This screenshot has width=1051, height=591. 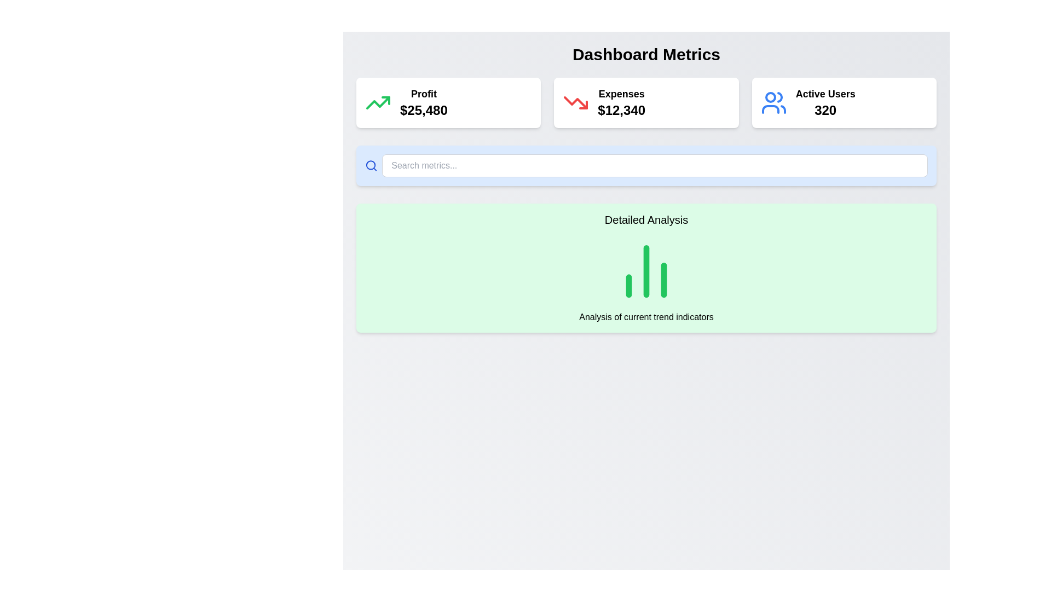 What do you see at coordinates (423, 94) in the screenshot?
I see `the 'Profit' text label located in the upper-left section of the dashboard, which indicates the metric displayed below it` at bounding box center [423, 94].